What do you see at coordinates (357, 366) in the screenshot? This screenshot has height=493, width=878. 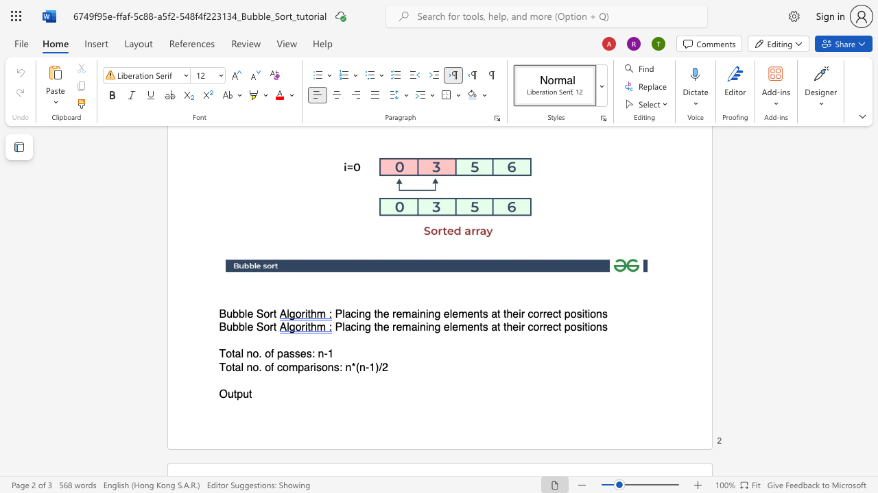 I see `the 1th character "(" in the text` at bounding box center [357, 366].